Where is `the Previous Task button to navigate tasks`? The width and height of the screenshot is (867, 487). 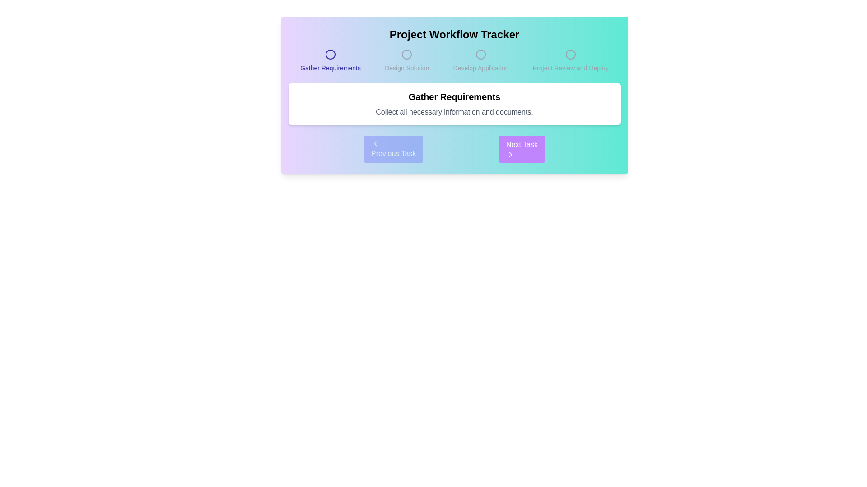 the Previous Task button to navigate tasks is located at coordinates (393, 149).